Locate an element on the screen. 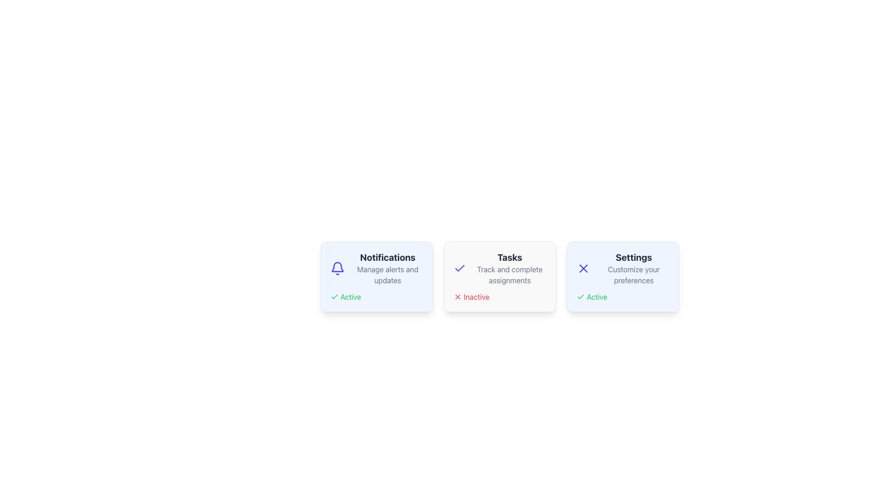 The image size is (880, 495). information provided in the Text Label (Title and Subtitle Pair) located centrally within the leftmost card, which describes the purpose of the first card related to notifications is located at coordinates (388, 268).